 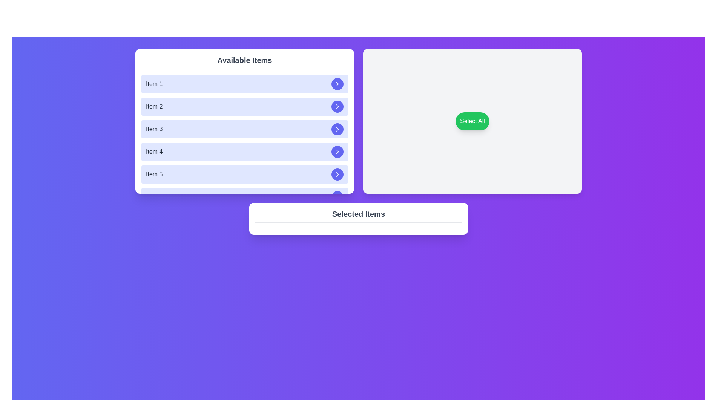 What do you see at coordinates (337, 197) in the screenshot?
I see `the Chevron icon in the fifth item of the 'Available Items' list in the left panel` at bounding box center [337, 197].